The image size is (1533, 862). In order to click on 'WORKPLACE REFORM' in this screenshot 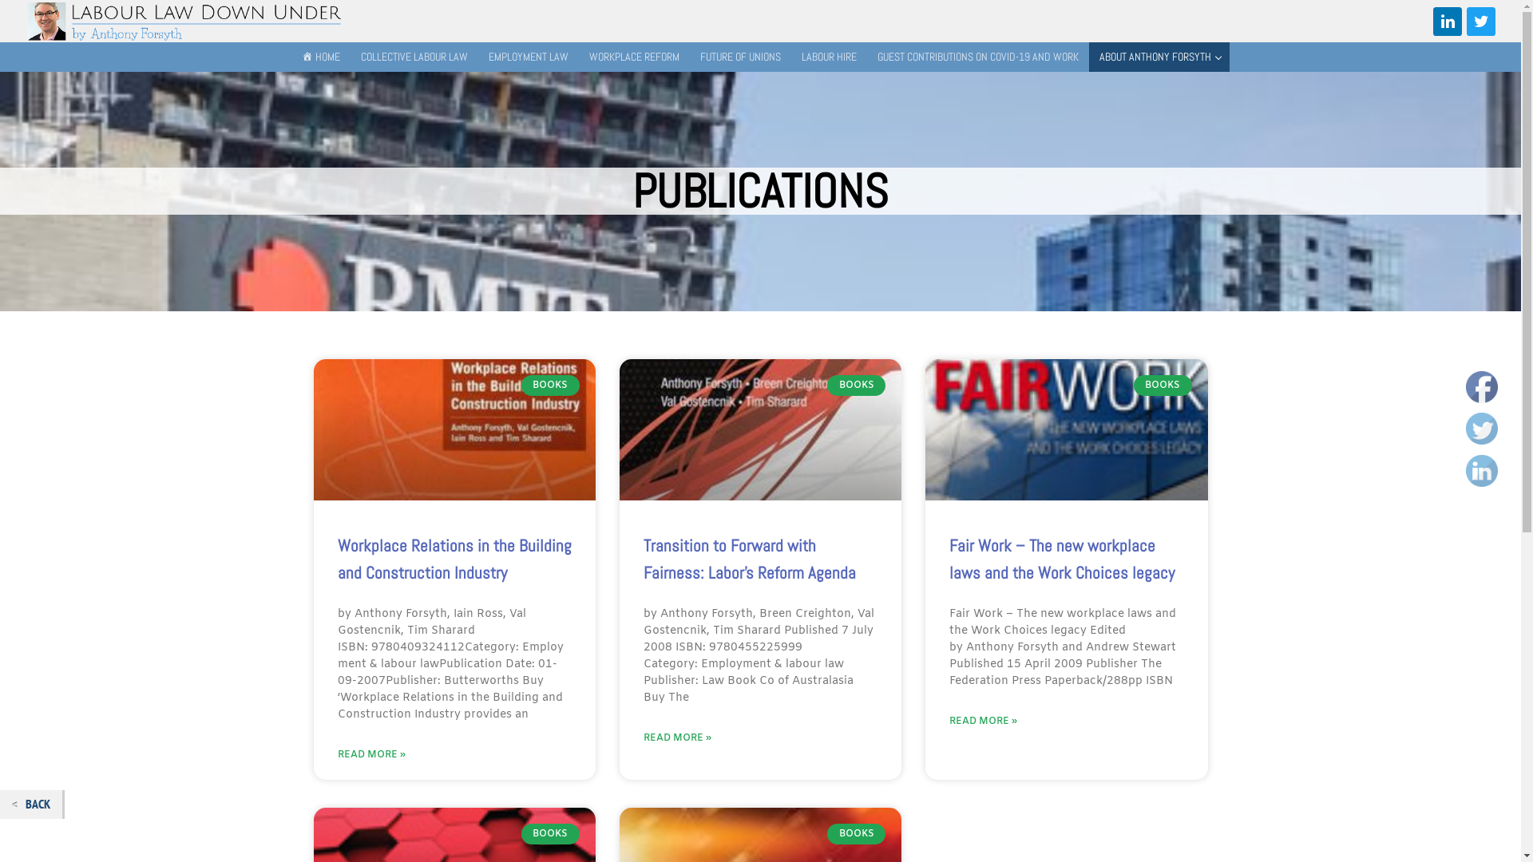, I will do `click(633, 57)`.